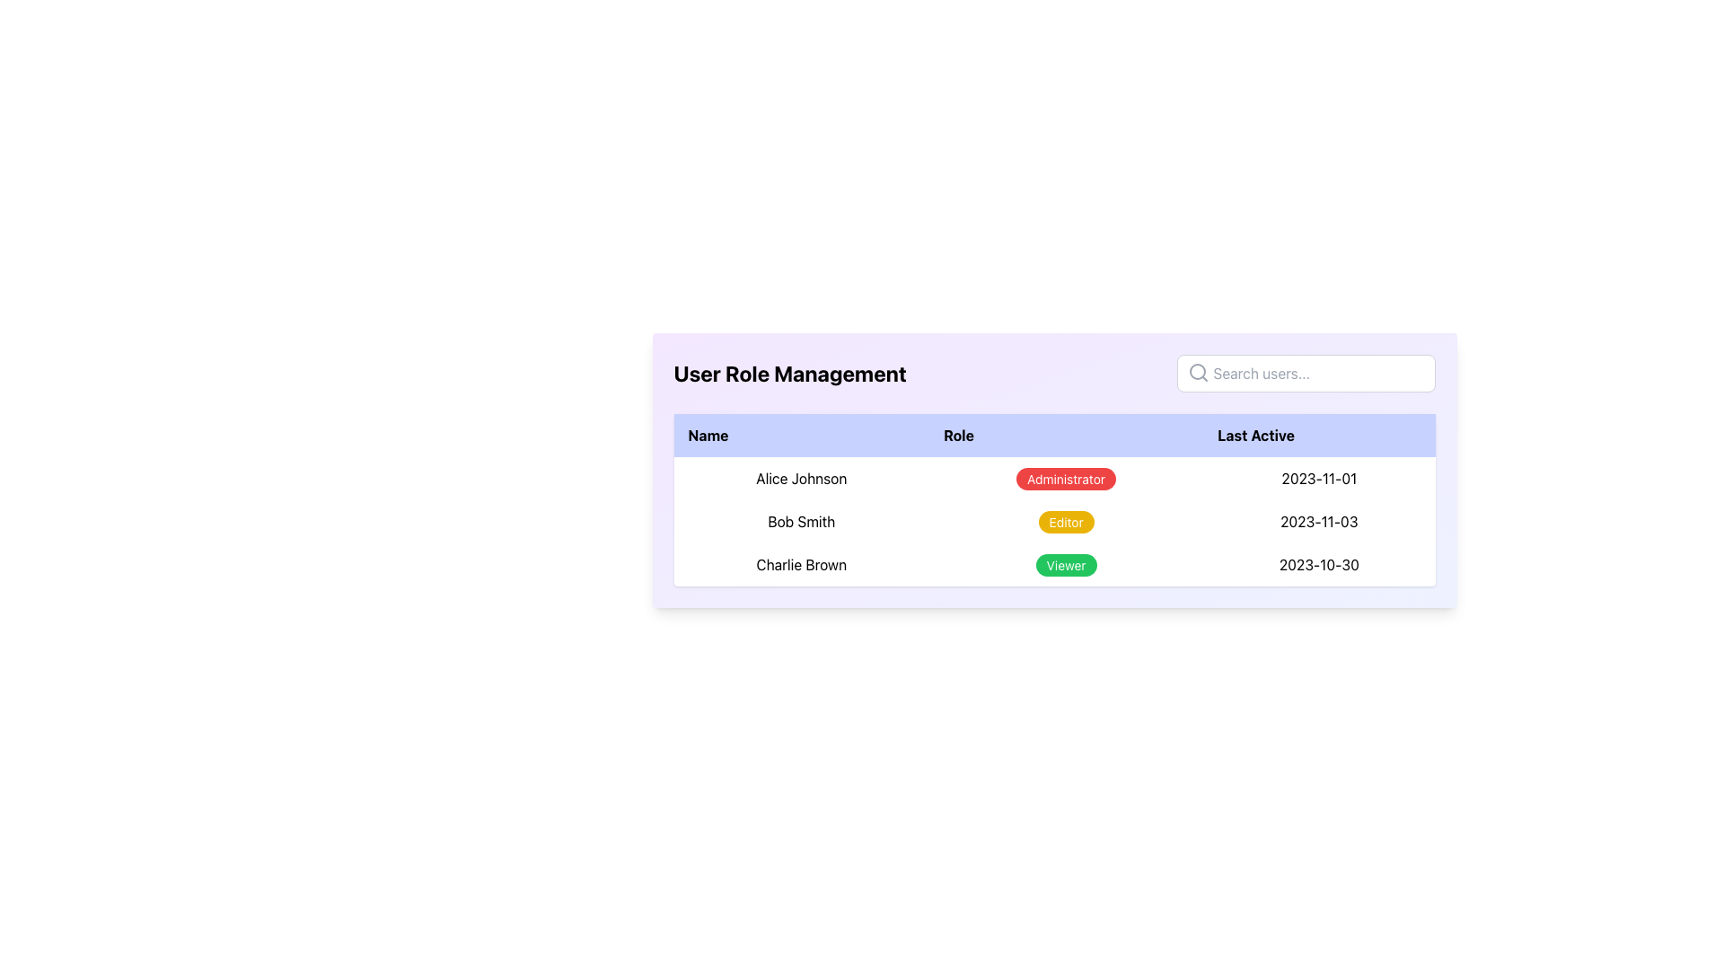  Describe the element at coordinates (1319, 563) in the screenshot. I see `the text '2023-10-30' located in the 'Last Active' column of the user management table, which is aligned horizontally with the 'Viewer' role for Charlie Brown` at that location.